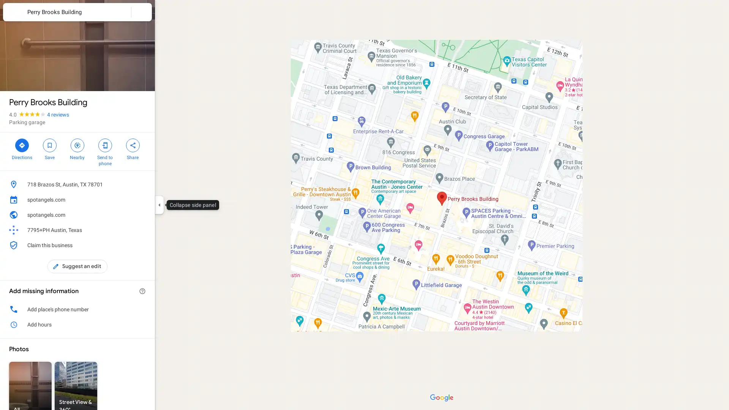  I want to click on Share Perry Brooks Building, so click(133, 148).